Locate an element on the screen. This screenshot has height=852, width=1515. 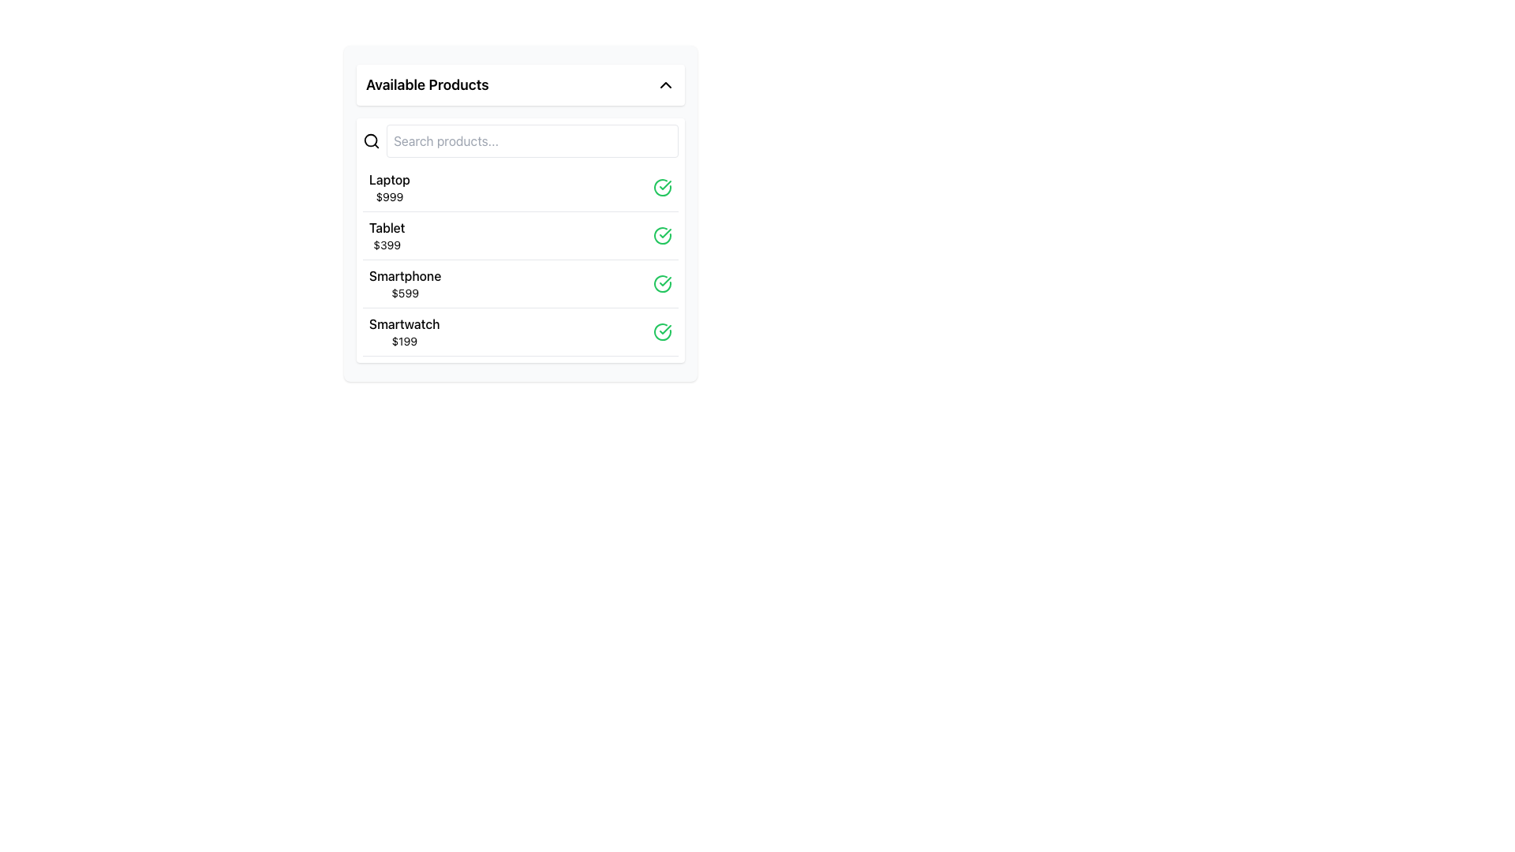
the text label 'Smartwatch' located in the fourth row of the 'Available Products' section is located at coordinates (404, 323).